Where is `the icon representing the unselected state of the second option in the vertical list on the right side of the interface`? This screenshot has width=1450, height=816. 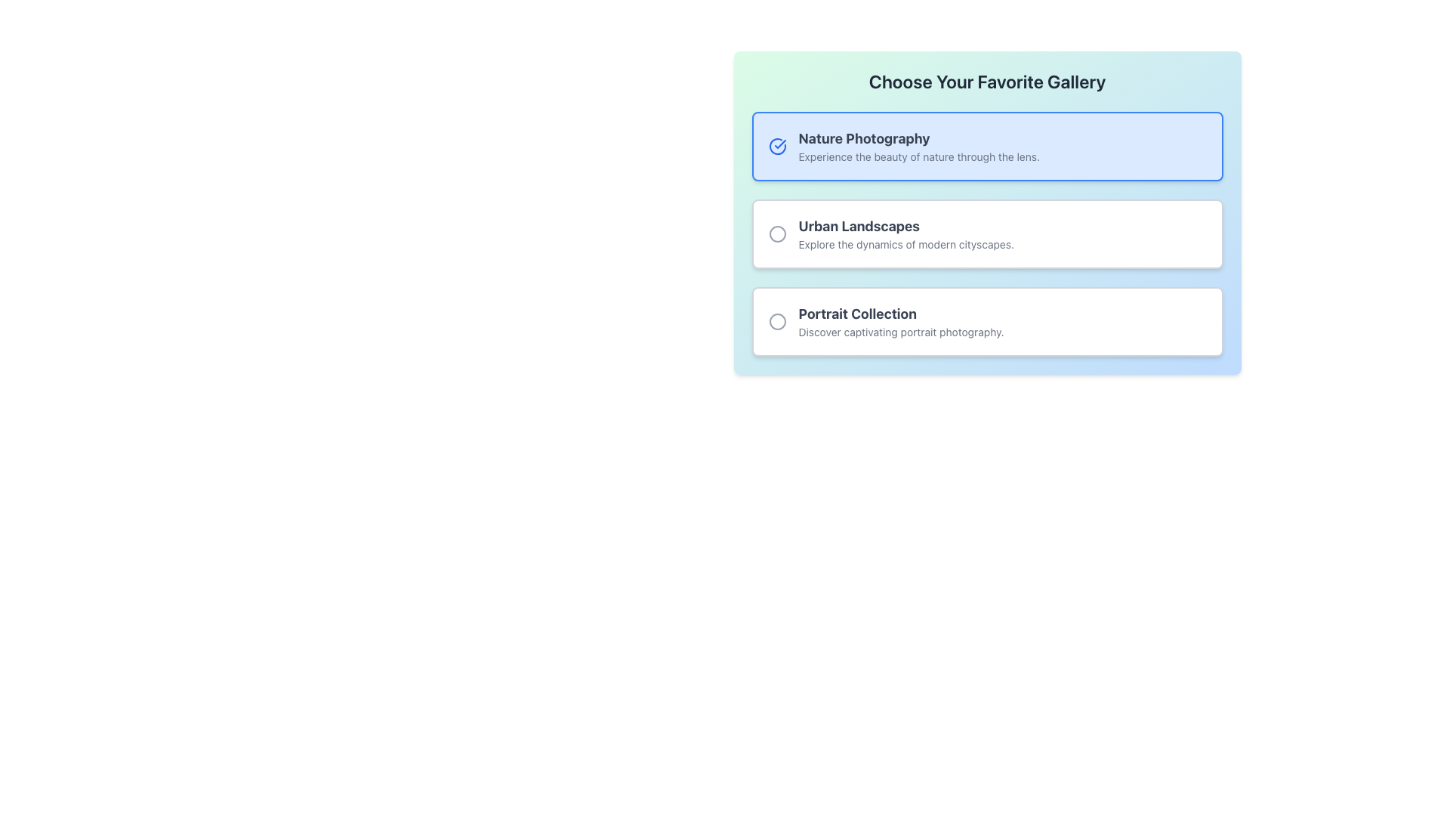
the icon representing the unselected state of the second option in the vertical list on the right side of the interface is located at coordinates (777, 233).